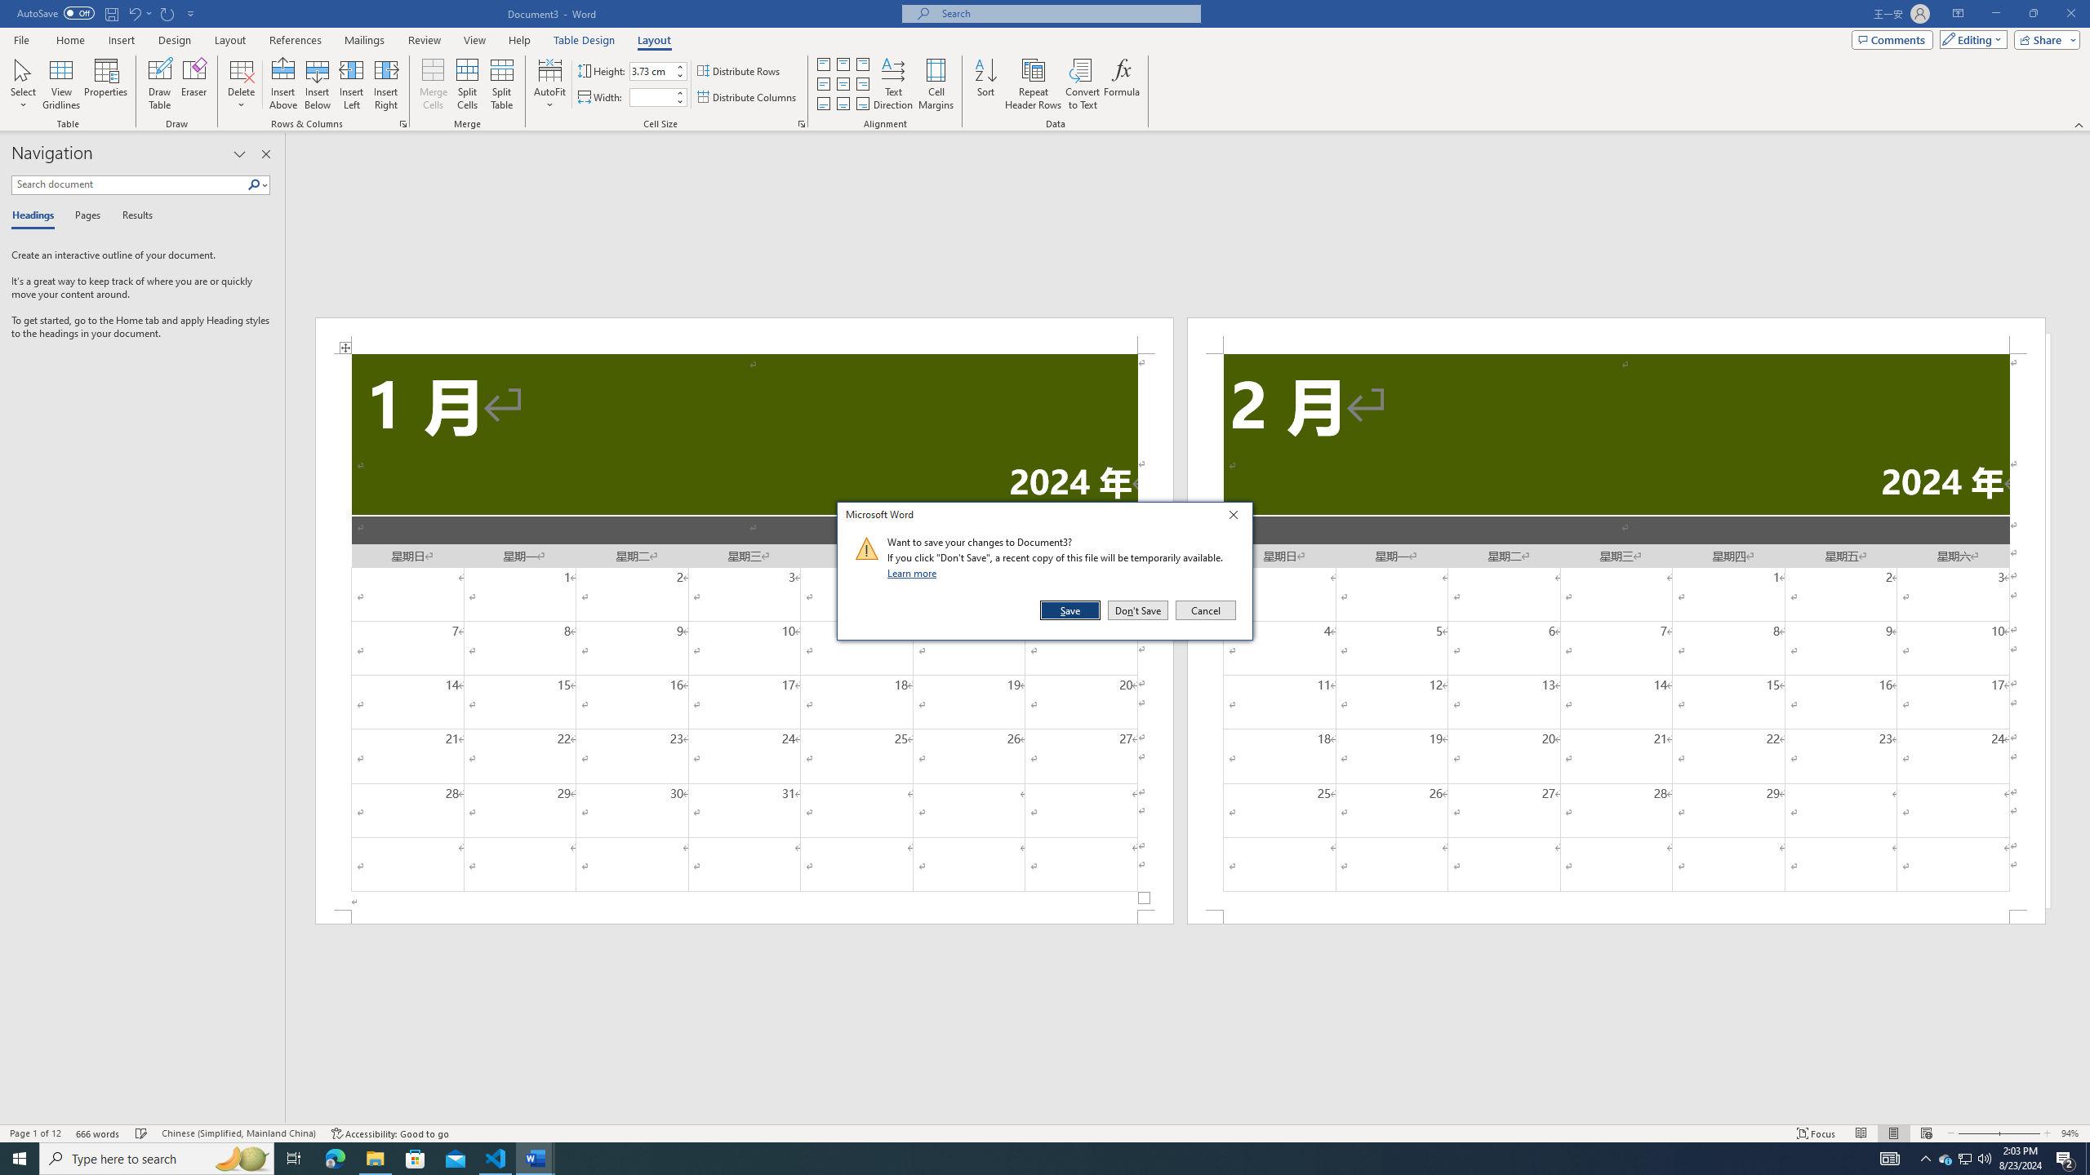 The height and width of the screenshot is (1175, 2090). What do you see at coordinates (842, 84) in the screenshot?
I see `'Align Center'` at bounding box center [842, 84].